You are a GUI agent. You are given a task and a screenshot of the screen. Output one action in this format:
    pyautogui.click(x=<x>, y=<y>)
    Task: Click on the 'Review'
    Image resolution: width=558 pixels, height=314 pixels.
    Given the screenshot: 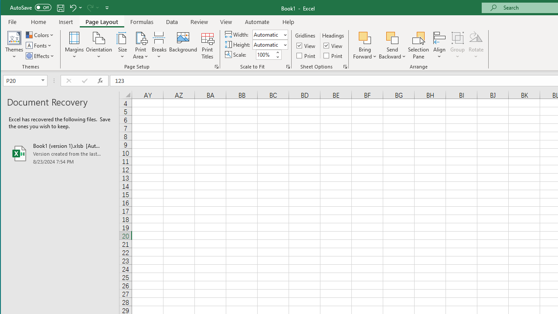 What is the action you would take?
    pyautogui.click(x=198, y=21)
    